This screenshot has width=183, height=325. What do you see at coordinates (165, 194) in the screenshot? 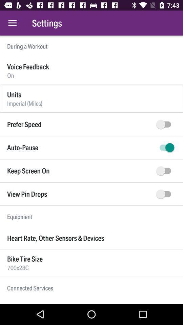
I see `viewing pin drops` at bounding box center [165, 194].